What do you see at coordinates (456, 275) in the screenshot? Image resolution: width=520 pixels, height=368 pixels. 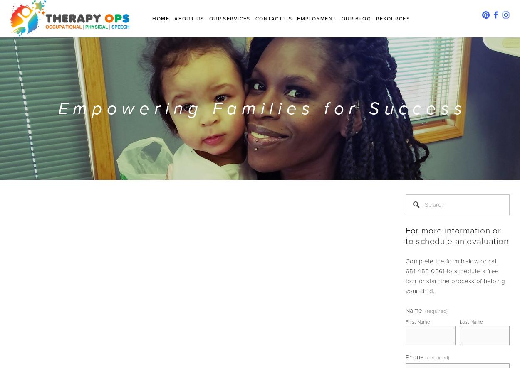 I see `'Complete the form below or call 651-455-0561 to schedule a free tour or start the process of helping your child.'` at bounding box center [456, 275].